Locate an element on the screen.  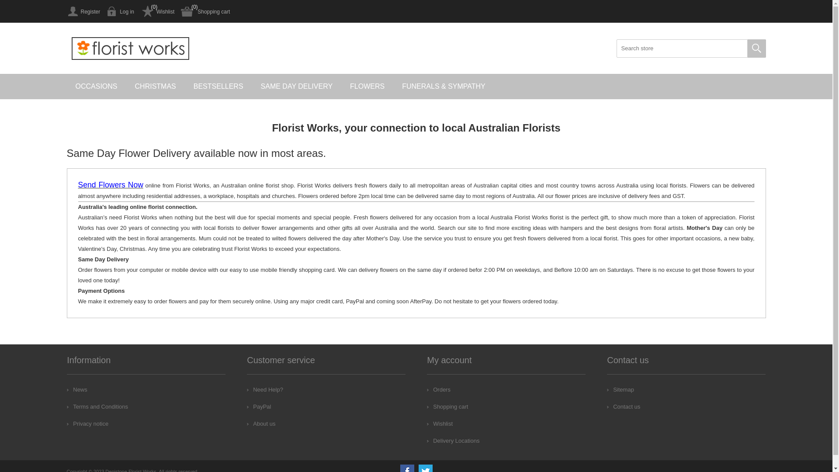
'Shopping cart' is located at coordinates (447, 406).